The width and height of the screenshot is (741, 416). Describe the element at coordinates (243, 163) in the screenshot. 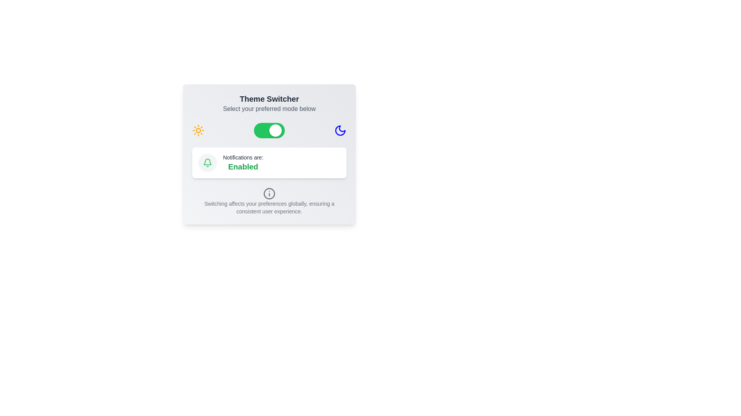

I see `text label indicating the notification state, which shows 'Notifications are:' in a smaller font and 'Enabled' in a larger, bold, green font` at that location.